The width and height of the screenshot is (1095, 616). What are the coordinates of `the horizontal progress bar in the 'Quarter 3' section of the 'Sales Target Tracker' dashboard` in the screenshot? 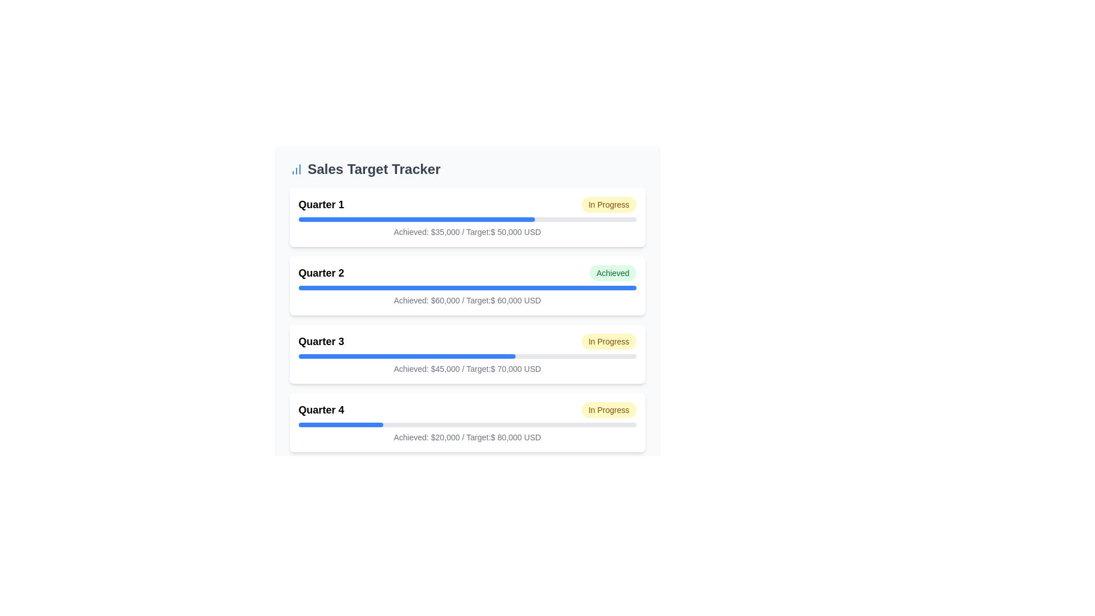 It's located at (467, 355).